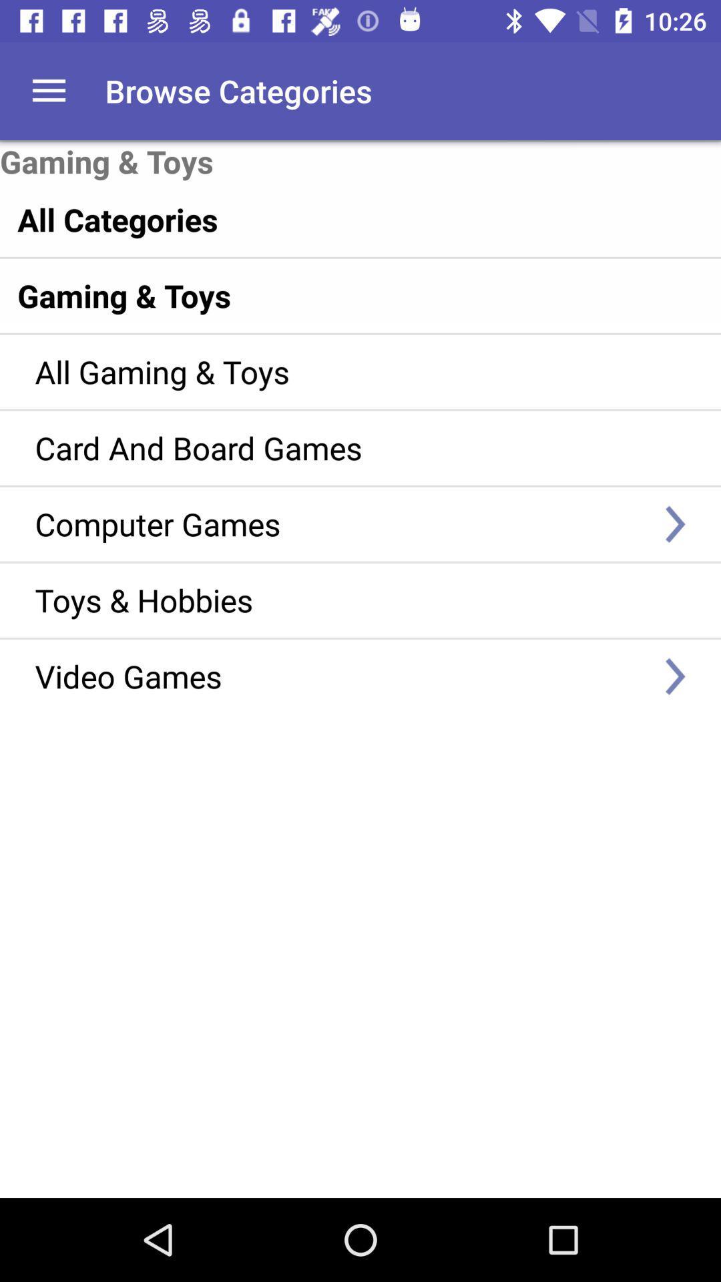 This screenshot has height=1282, width=721. Describe the element at coordinates (340, 676) in the screenshot. I see `the video games icon` at that location.